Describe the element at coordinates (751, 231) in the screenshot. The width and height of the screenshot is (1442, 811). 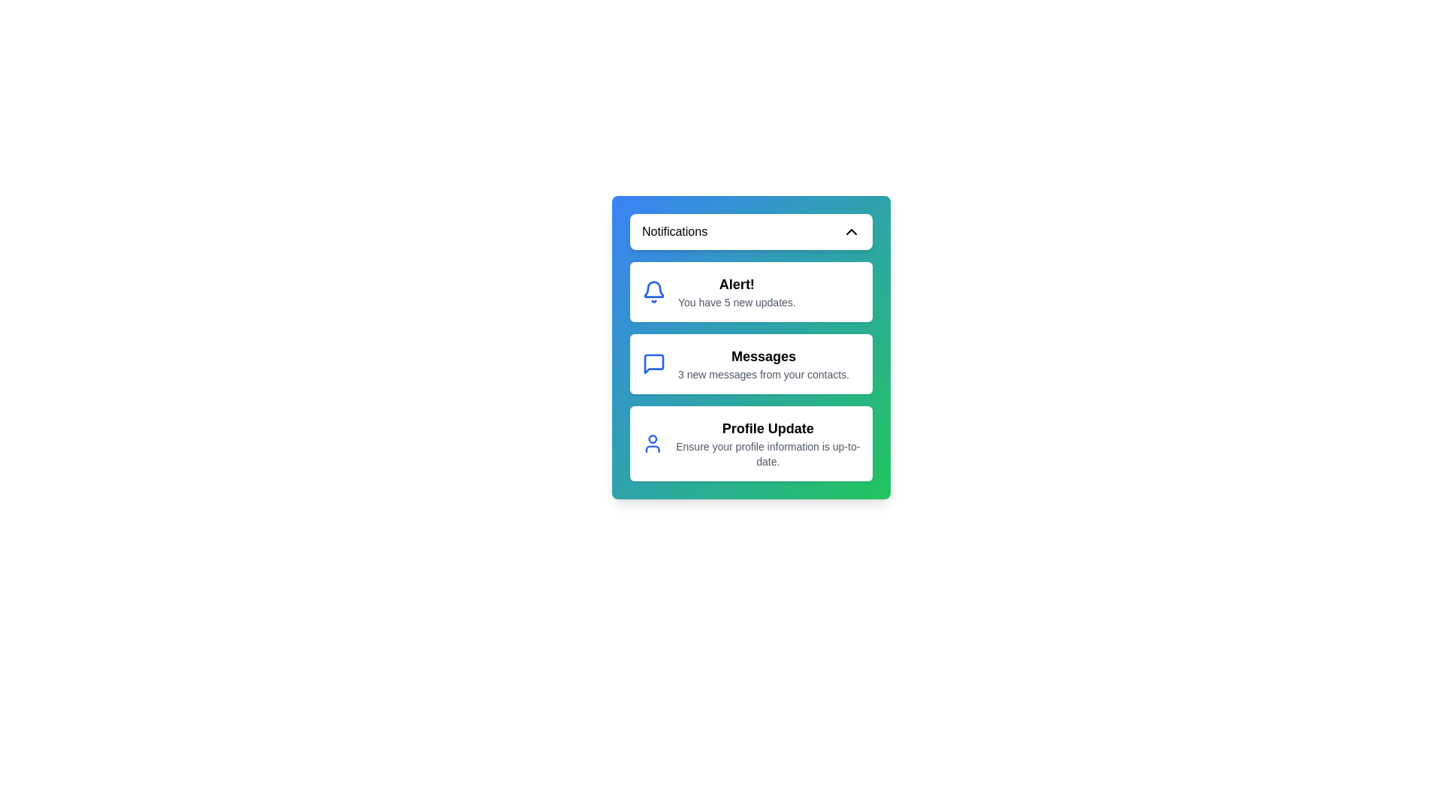
I see `the 'Notifications' button to toggle the menu visibility` at that location.